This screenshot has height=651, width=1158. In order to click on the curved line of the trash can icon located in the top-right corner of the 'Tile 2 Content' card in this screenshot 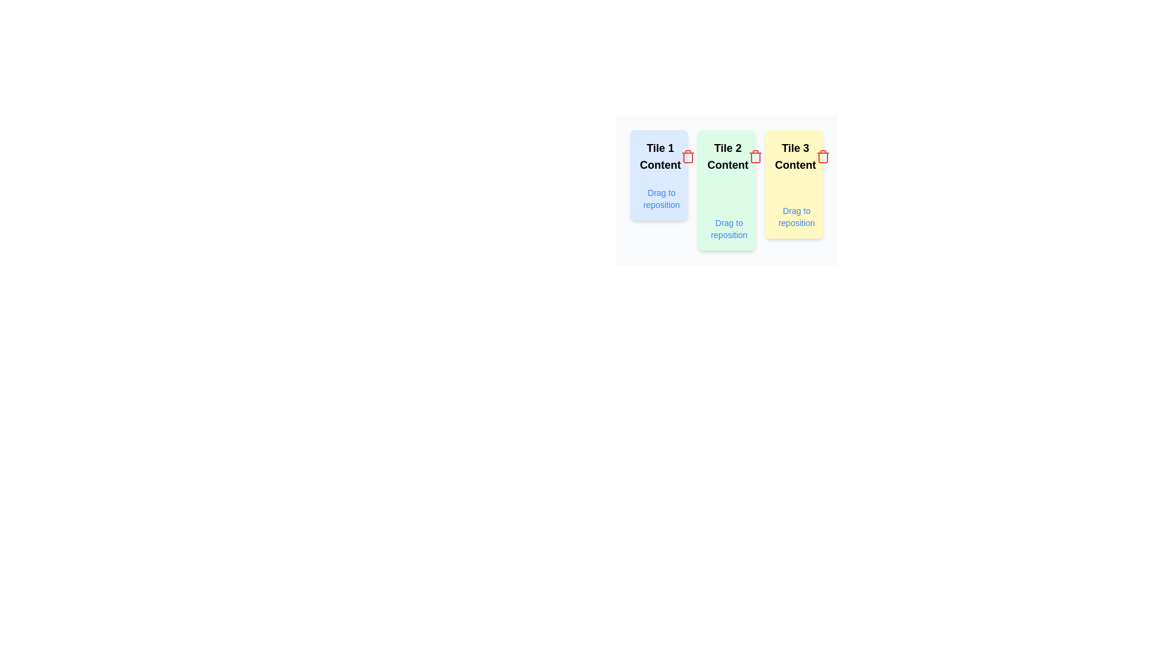, I will do `click(688, 157)`.